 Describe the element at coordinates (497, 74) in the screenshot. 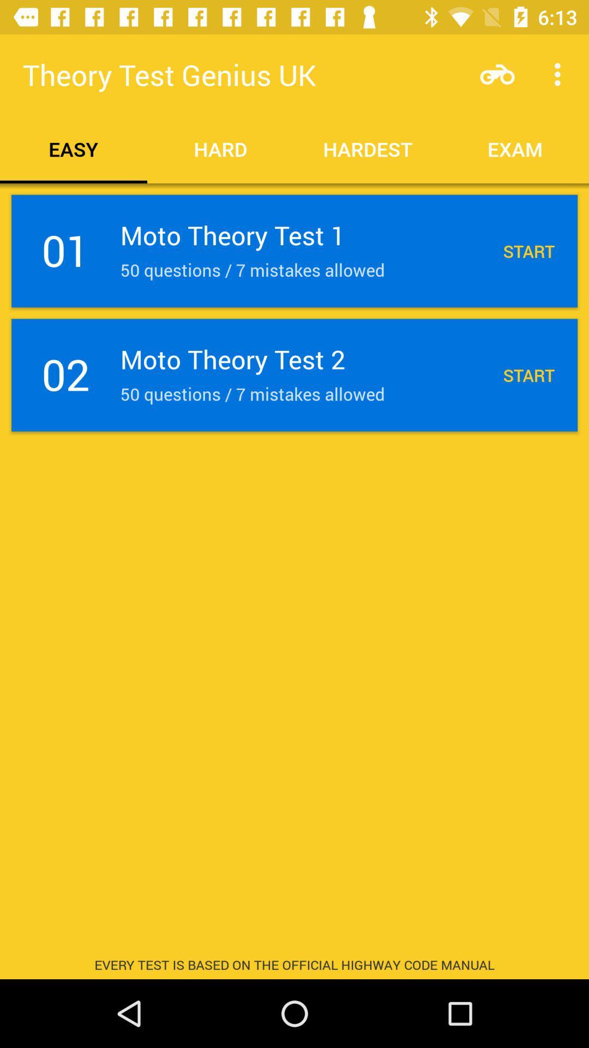

I see `item next to theory test genius item` at that location.